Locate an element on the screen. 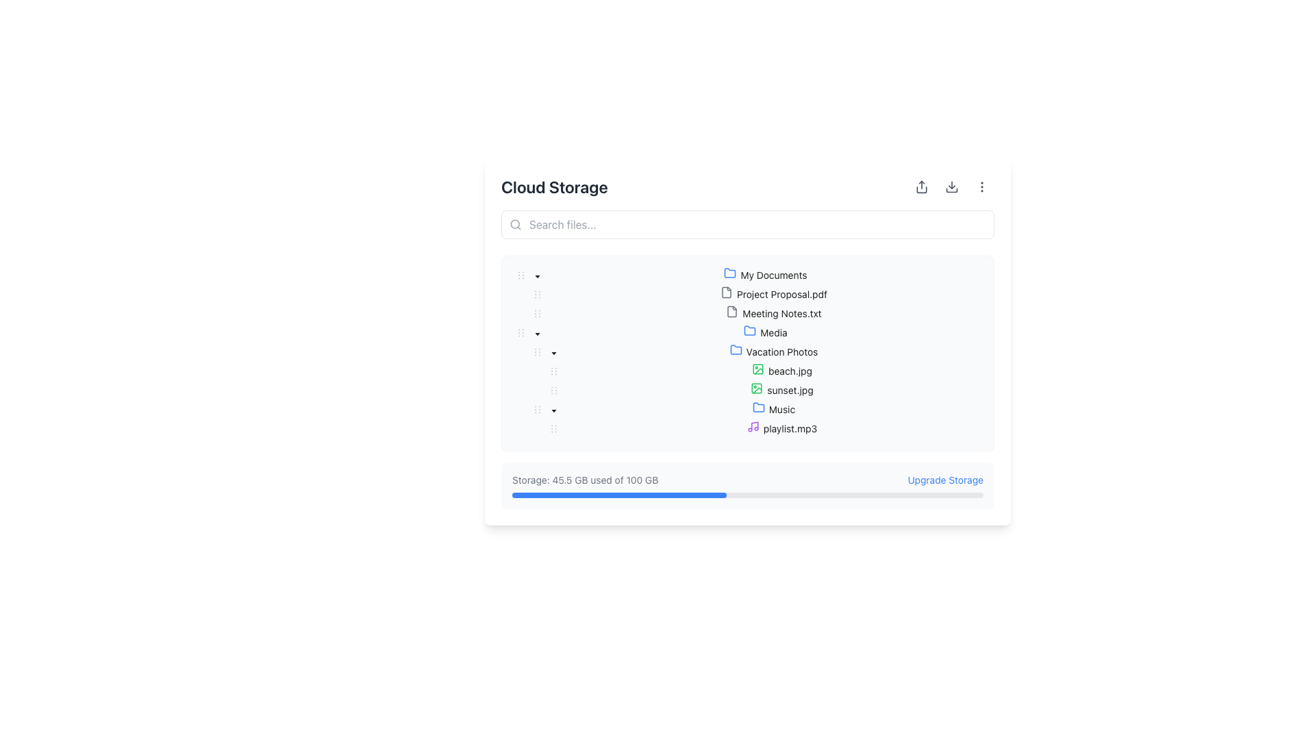  the filled portion of the progress bar that visually represents 45.5% of the total storage space used, located below the text 'Storage: 45.5 GB used of 100 GB.' is located at coordinates (618, 495).